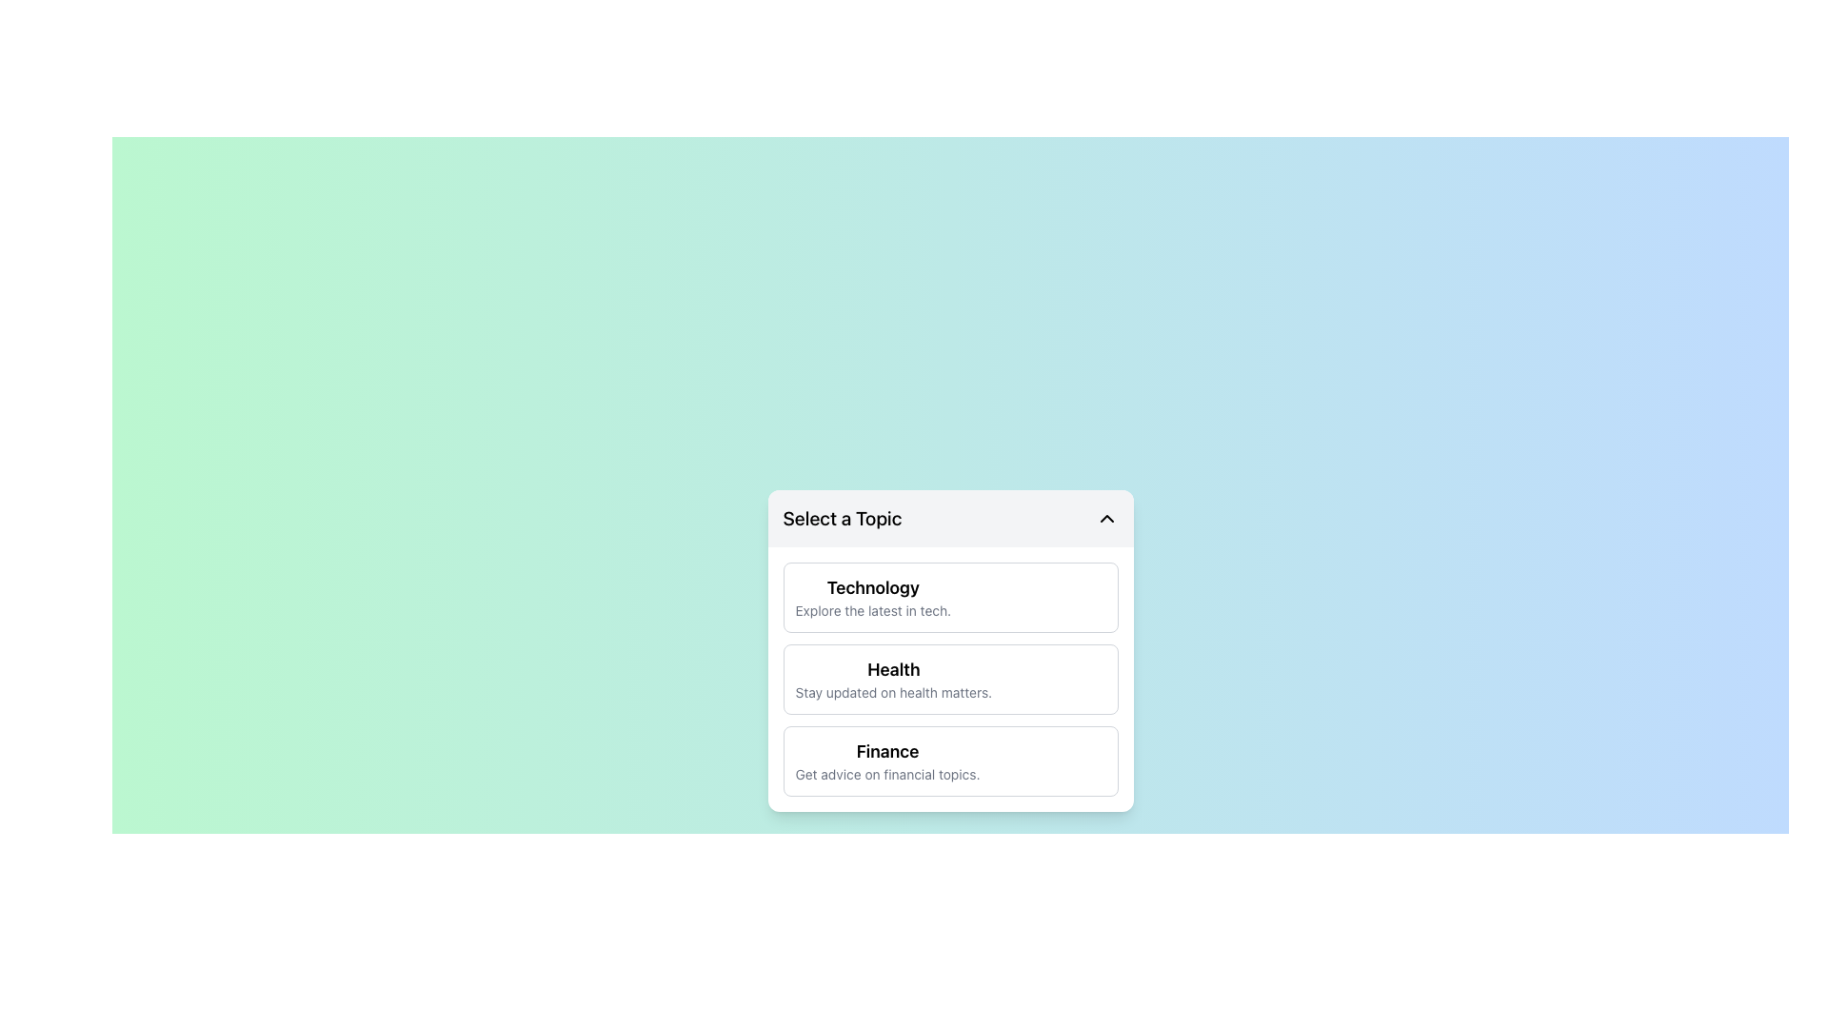 The height and width of the screenshot is (1028, 1828). What do you see at coordinates (891, 669) in the screenshot?
I see `the heading label for the 'Health' topic located in the second list item of the 'Select a Topic' section` at bounding box center [891, 669].